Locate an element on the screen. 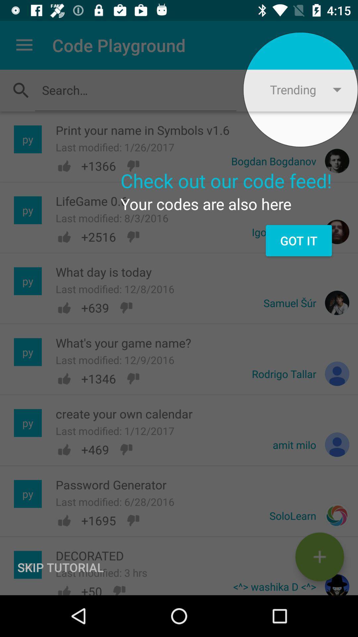  the add icon is located at coordinates (319, 557).